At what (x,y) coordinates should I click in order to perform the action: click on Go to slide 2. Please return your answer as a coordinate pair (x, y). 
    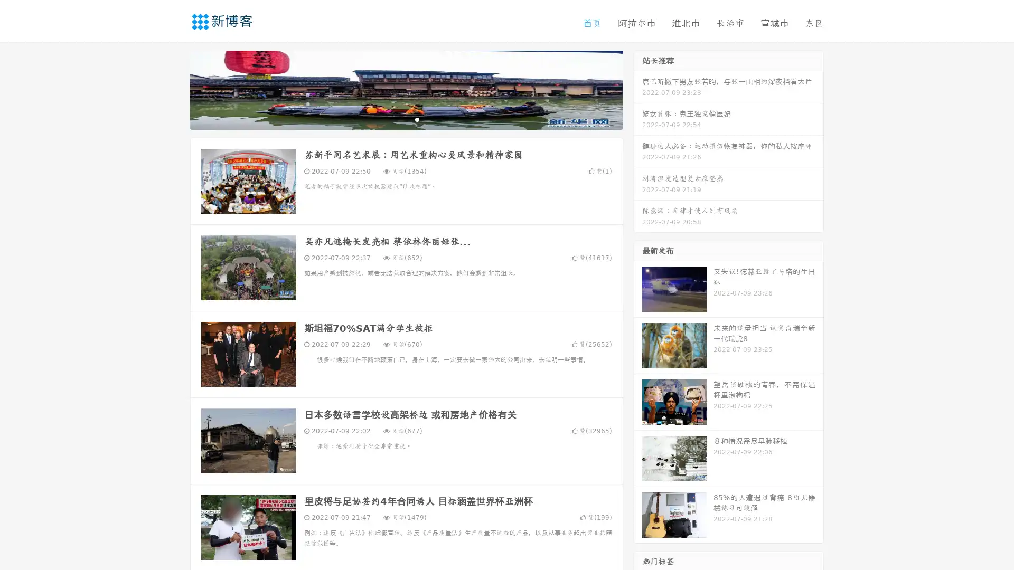
    Looking at the image, I should click on (406, 119).